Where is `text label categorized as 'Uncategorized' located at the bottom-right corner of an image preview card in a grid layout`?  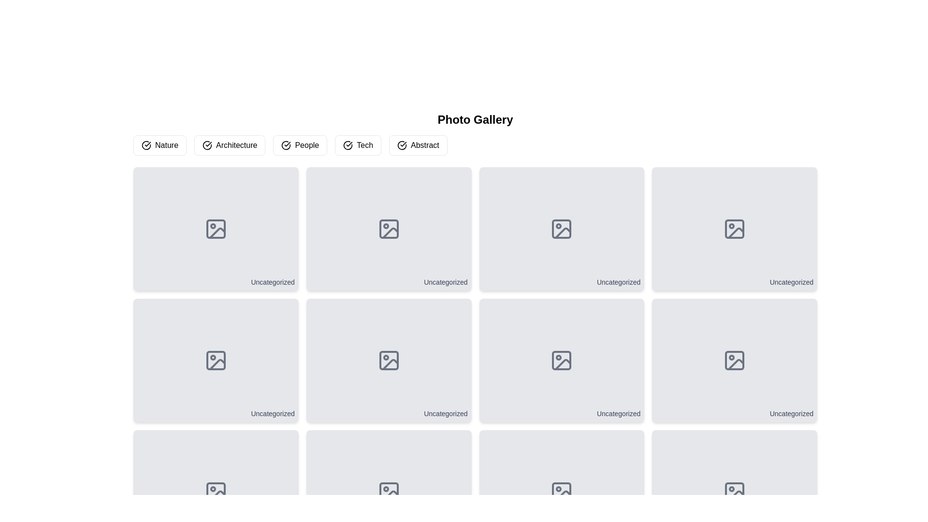 text label categorized as 'Uncategorized' located at the bottom-right corner of an image preview card in a grid layout is located at coordinates (619, 413).